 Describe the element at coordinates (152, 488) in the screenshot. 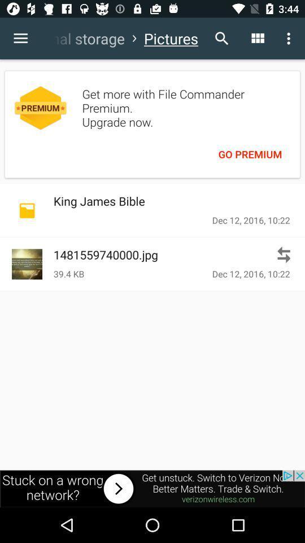

I see `advertising site` at that location.